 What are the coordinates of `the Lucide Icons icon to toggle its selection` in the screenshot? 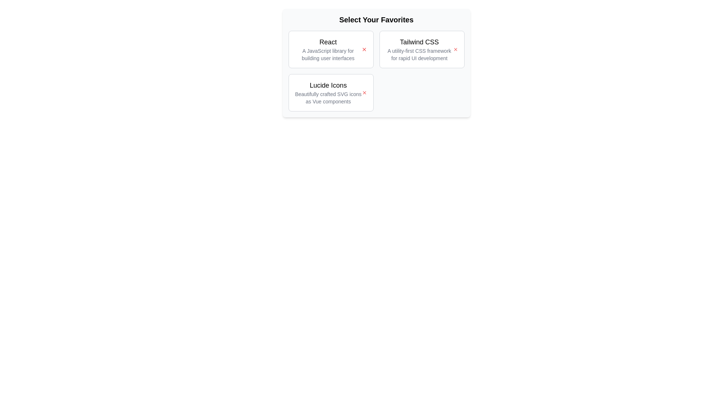 It's located at (364, 92).